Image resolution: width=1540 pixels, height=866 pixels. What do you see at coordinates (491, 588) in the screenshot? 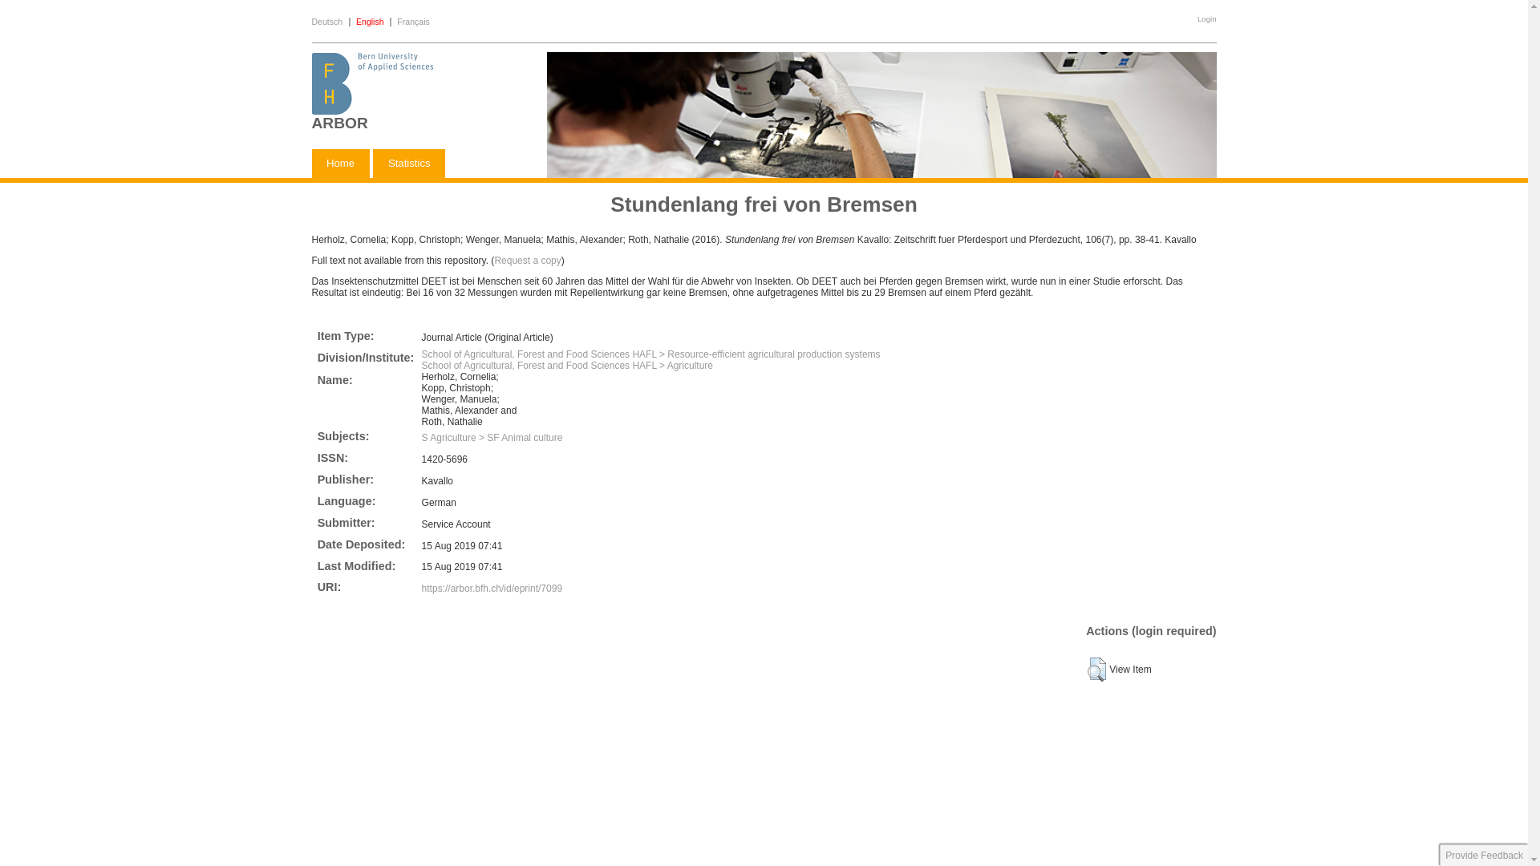
I see `'https://arbor.bfh.ch/id/eprint/7099'` at bounding box center [491, 588].